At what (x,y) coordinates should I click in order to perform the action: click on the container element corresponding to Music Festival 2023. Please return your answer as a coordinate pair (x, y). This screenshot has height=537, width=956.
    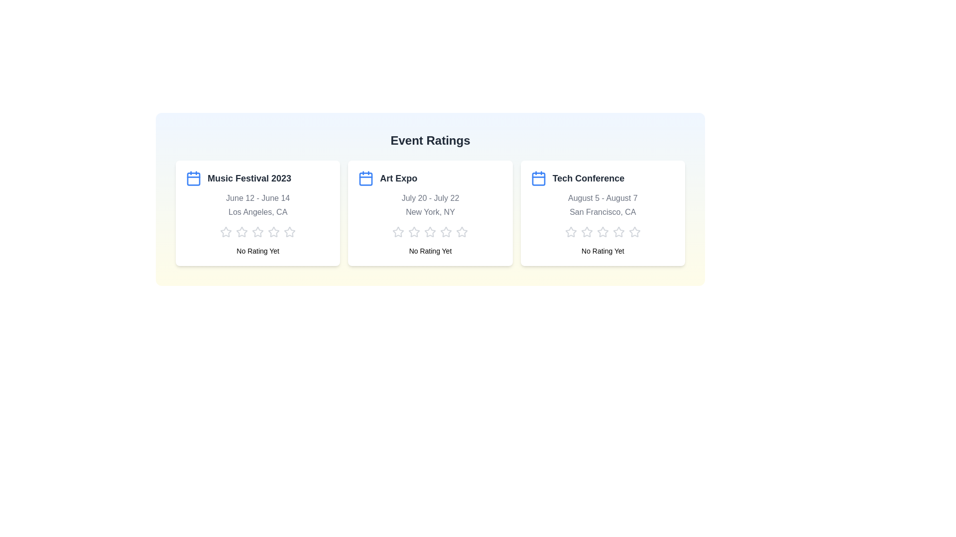
    Looking at the image, I should click on (258, 212).